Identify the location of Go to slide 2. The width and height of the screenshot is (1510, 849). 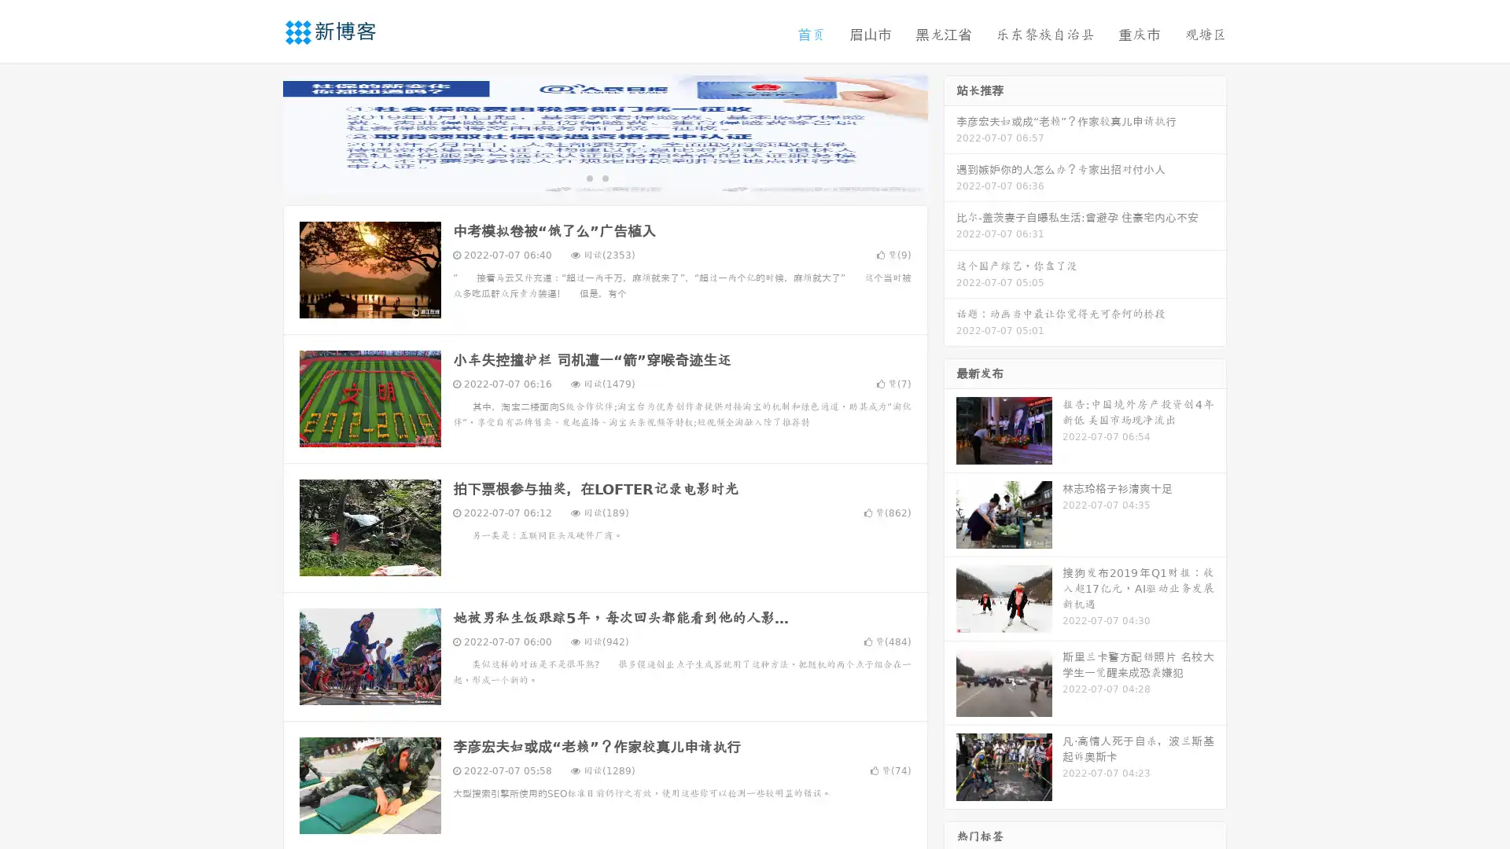
(604, 177).